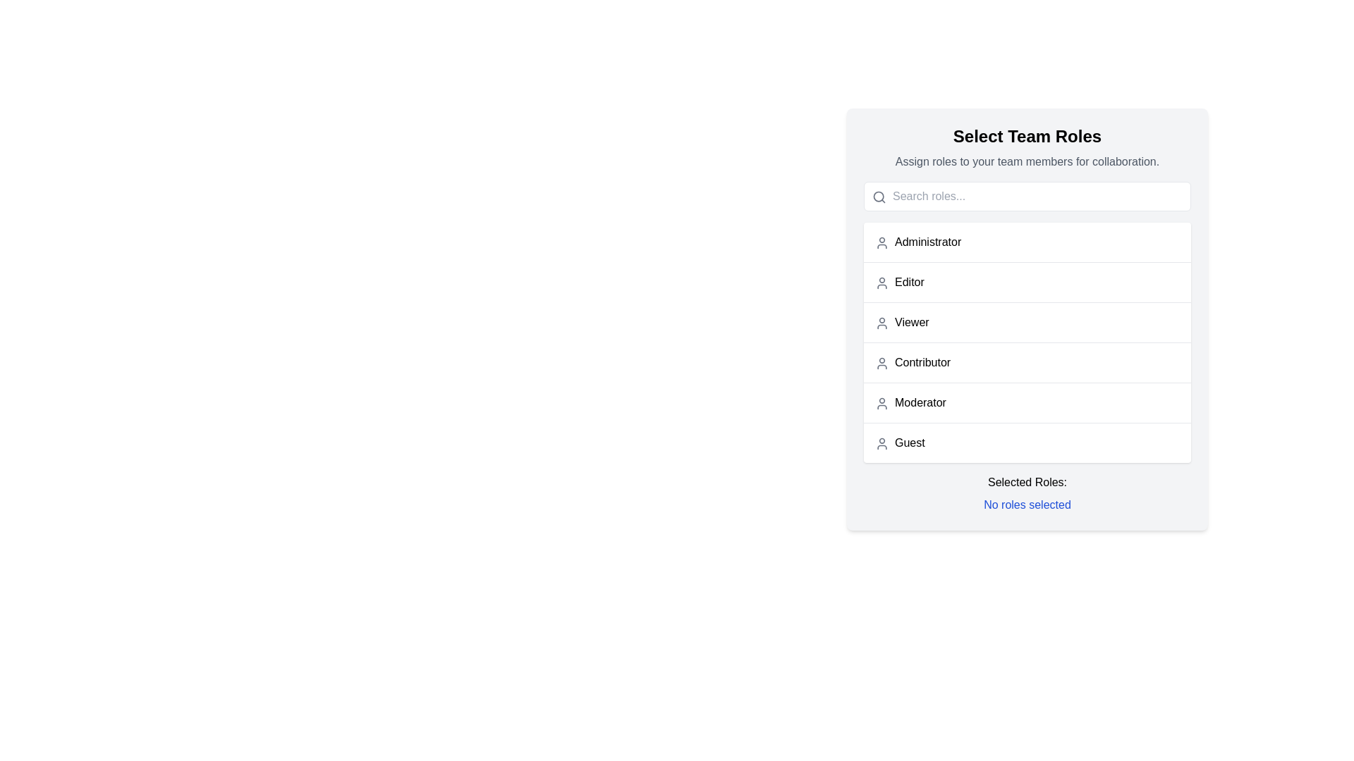 The image size is (1354, 761). What do you see at coordinates (882, 283) in the screenshot?
I see `the user profile icon` at bounding box center [882, 283].